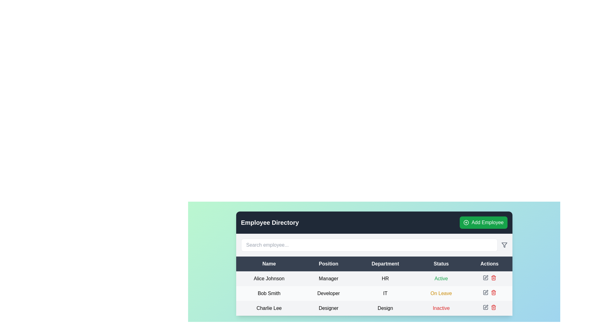  Describe the element at coordinates (486, 277) in the screenshot. I see `the small pen-like icon in the 'Actions' column of the employee table for the 'HR' department with 'Active' status` at that location.